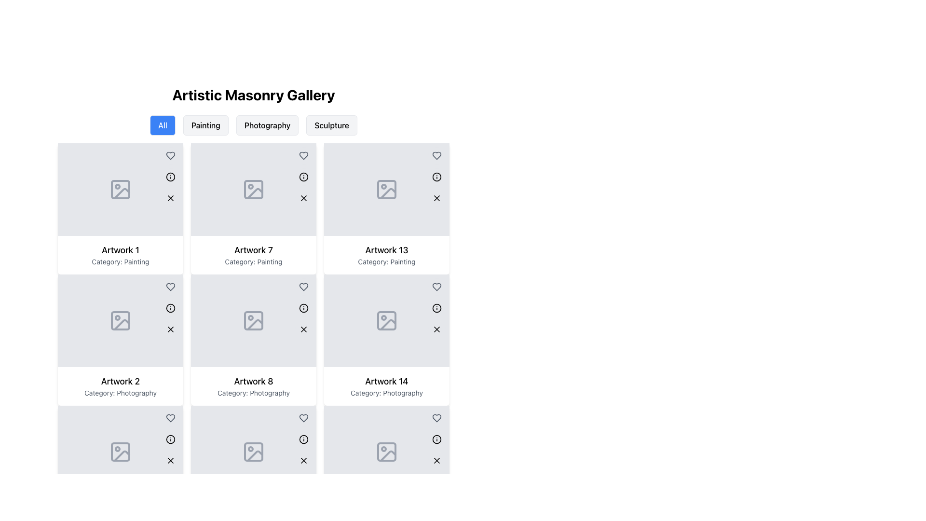 The image size is (926, 521). What do you see at coordinates (171, 308) in the screenshot?
I see `the circular information icon located in the leftmost card of a 3-column grid layout, positioned below the heart icon and above the 'Artwork 2' label` at bounding box center [171, 308].